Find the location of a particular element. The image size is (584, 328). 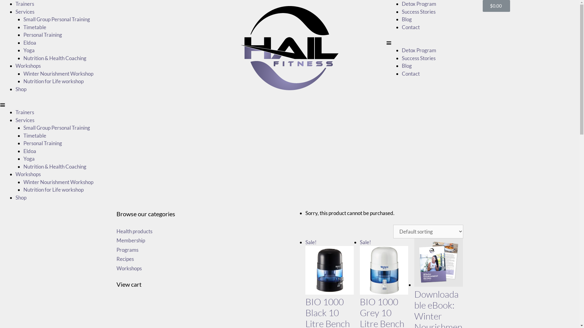

'Workshops' is located at coordinates (16, 66).